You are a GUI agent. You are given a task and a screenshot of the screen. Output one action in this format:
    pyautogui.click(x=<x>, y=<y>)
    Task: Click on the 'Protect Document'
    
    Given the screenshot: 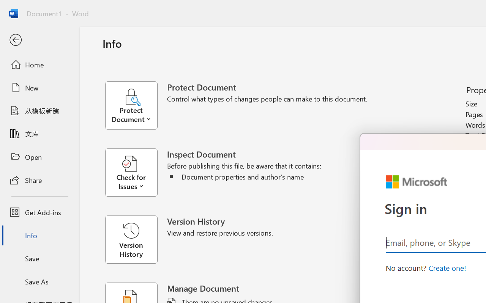 What is the action you would take?
    pyautogui.click(x=136, y=105)
    